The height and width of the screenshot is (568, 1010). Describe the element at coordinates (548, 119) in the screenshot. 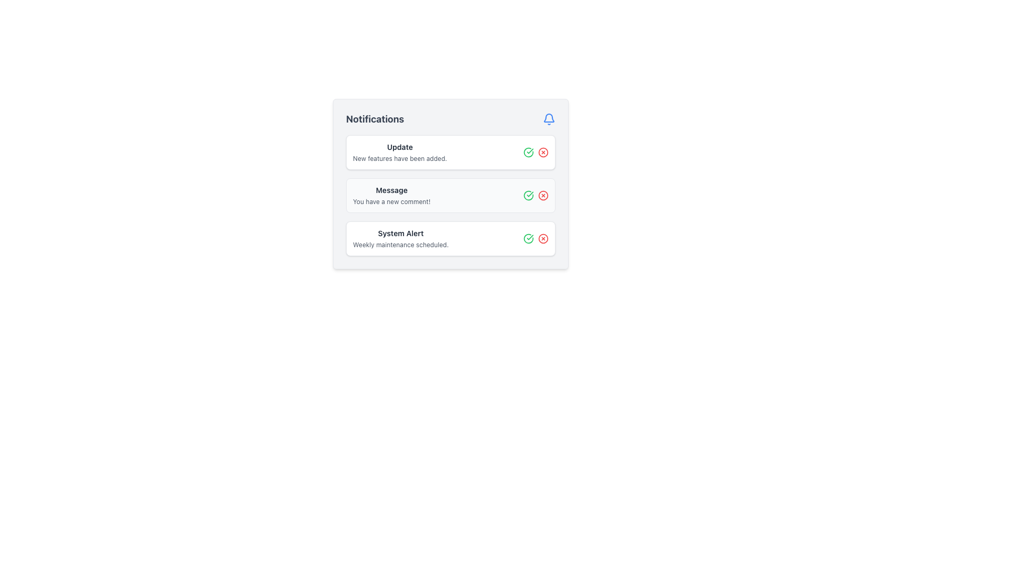

I see `the notification icon located on the far right of the notifications panel, adjacent to the 'Notifications' text` at that location.